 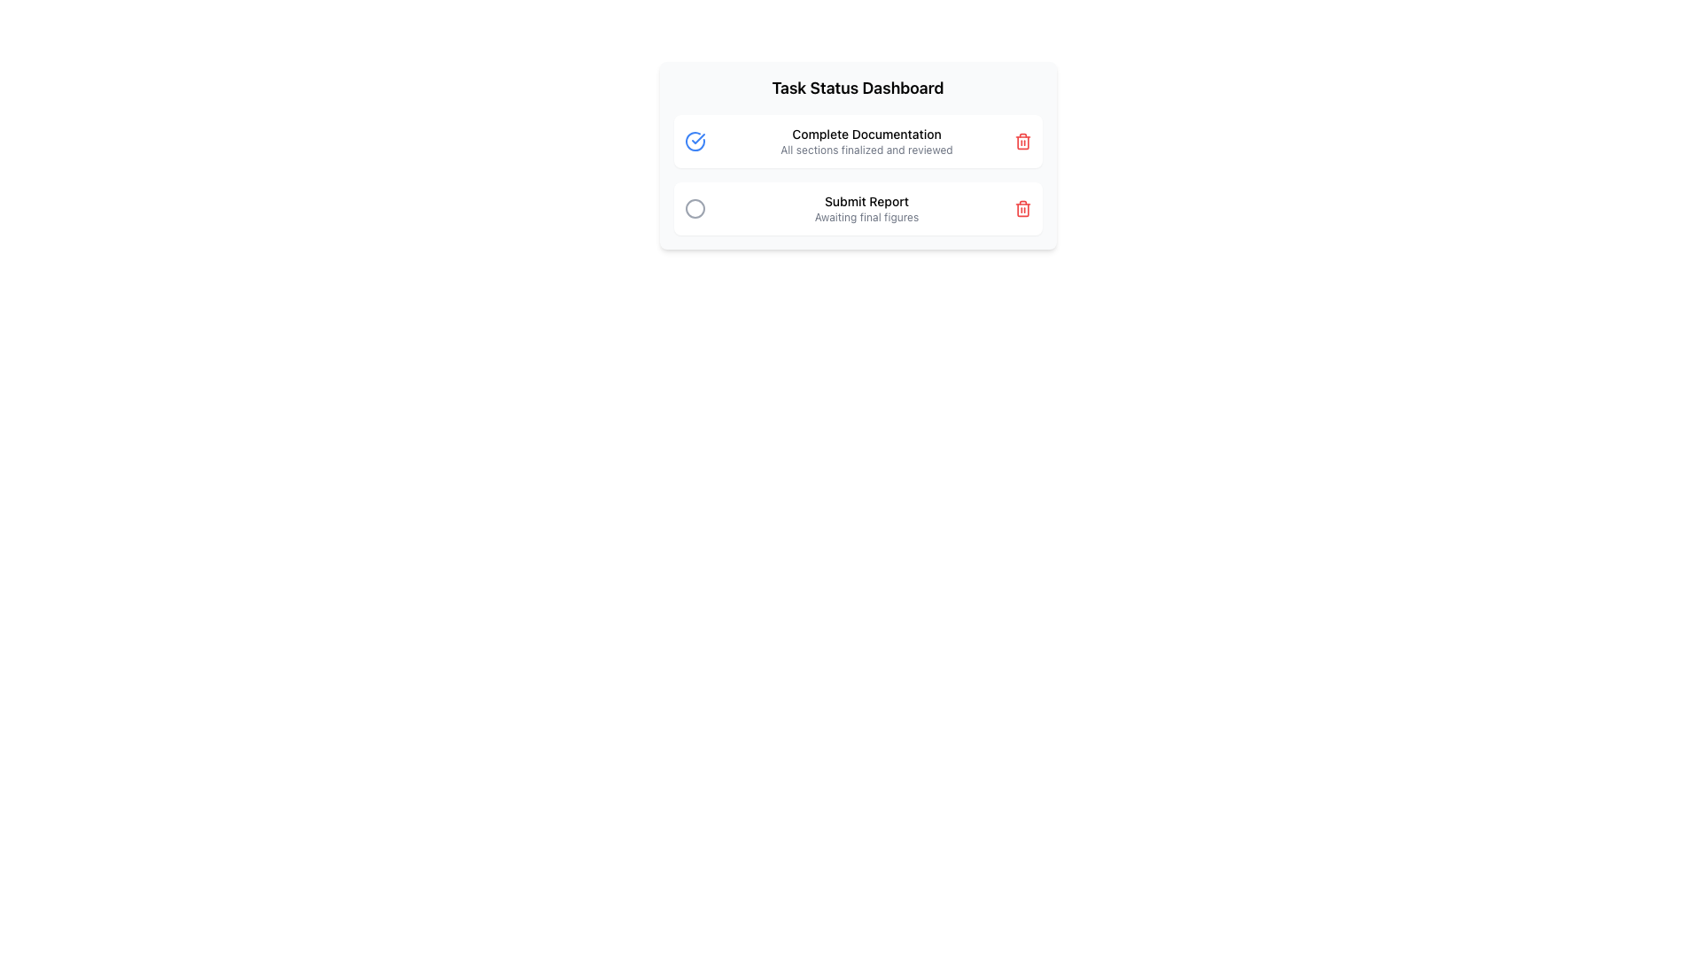 I want to click on the task description text located in the second row of the 'Task Status Dashboard' card, which summarizes the task title and its status, so click(x=866, y=207).